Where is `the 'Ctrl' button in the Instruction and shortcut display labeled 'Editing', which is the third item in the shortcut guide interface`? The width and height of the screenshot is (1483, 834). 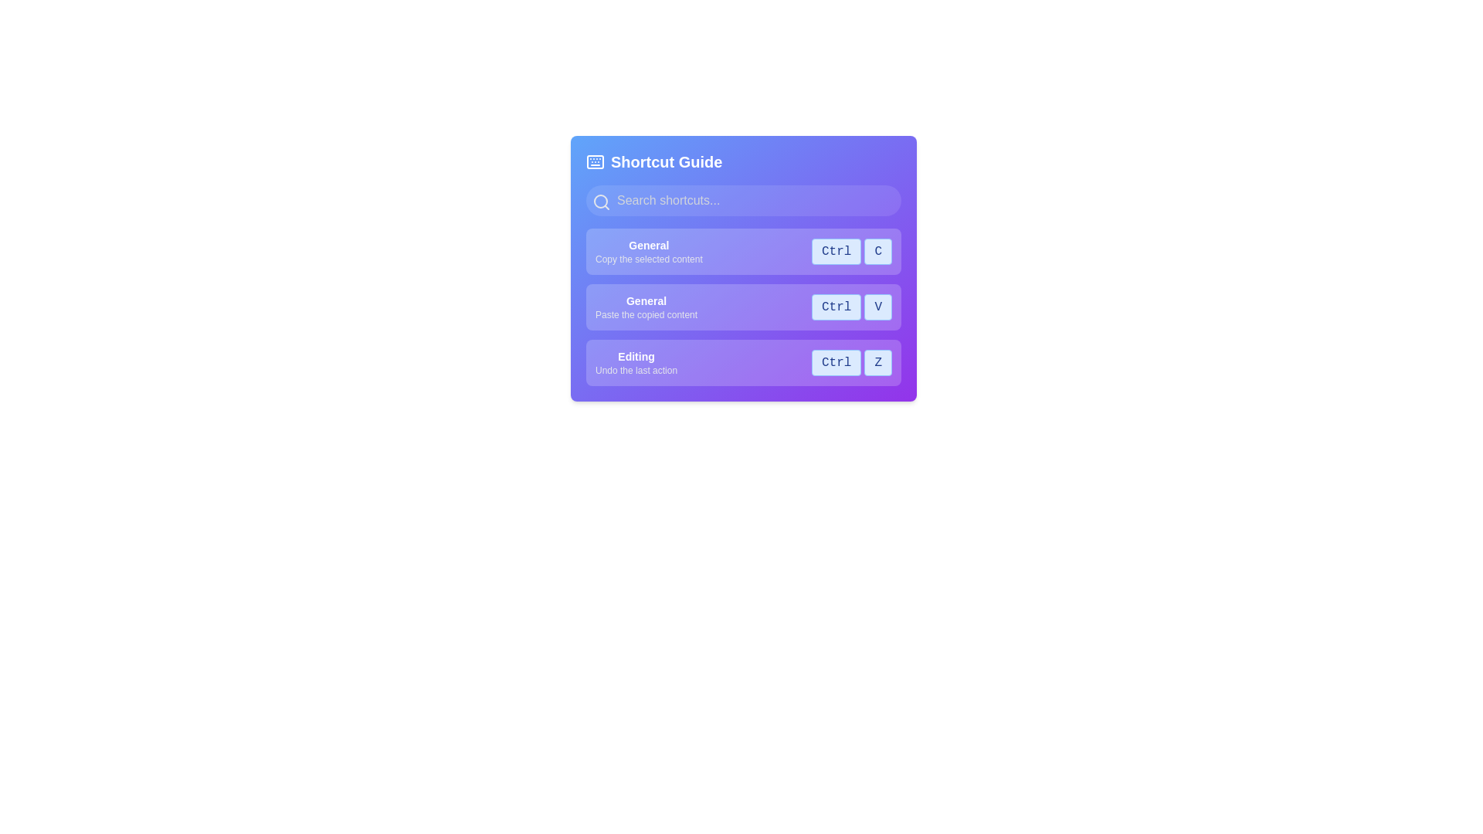
the 'Ctrl' button in the Instruction and shortcut display labeled 'Editing', which is the third item in the shortcut guide interface is located at coordinates (744, 363).